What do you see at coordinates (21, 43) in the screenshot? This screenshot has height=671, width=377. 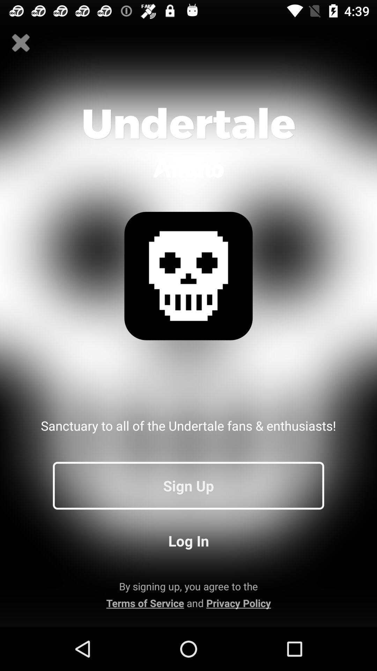 I see `the close icon` at bounding box center [21, 43].